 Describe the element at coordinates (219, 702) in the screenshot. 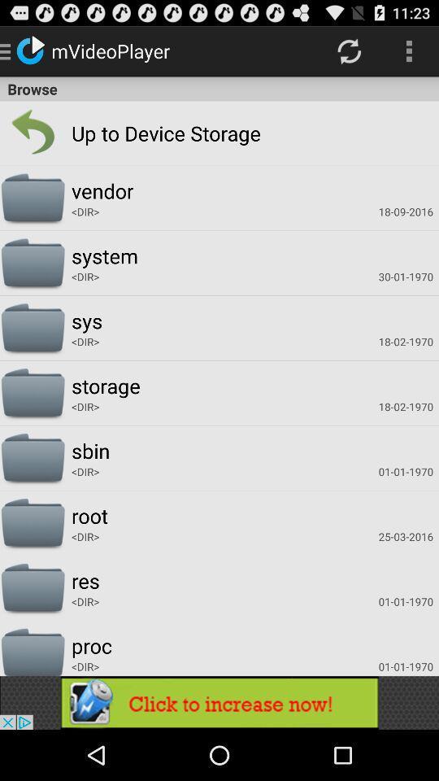

I see `open advertisement` at that location.